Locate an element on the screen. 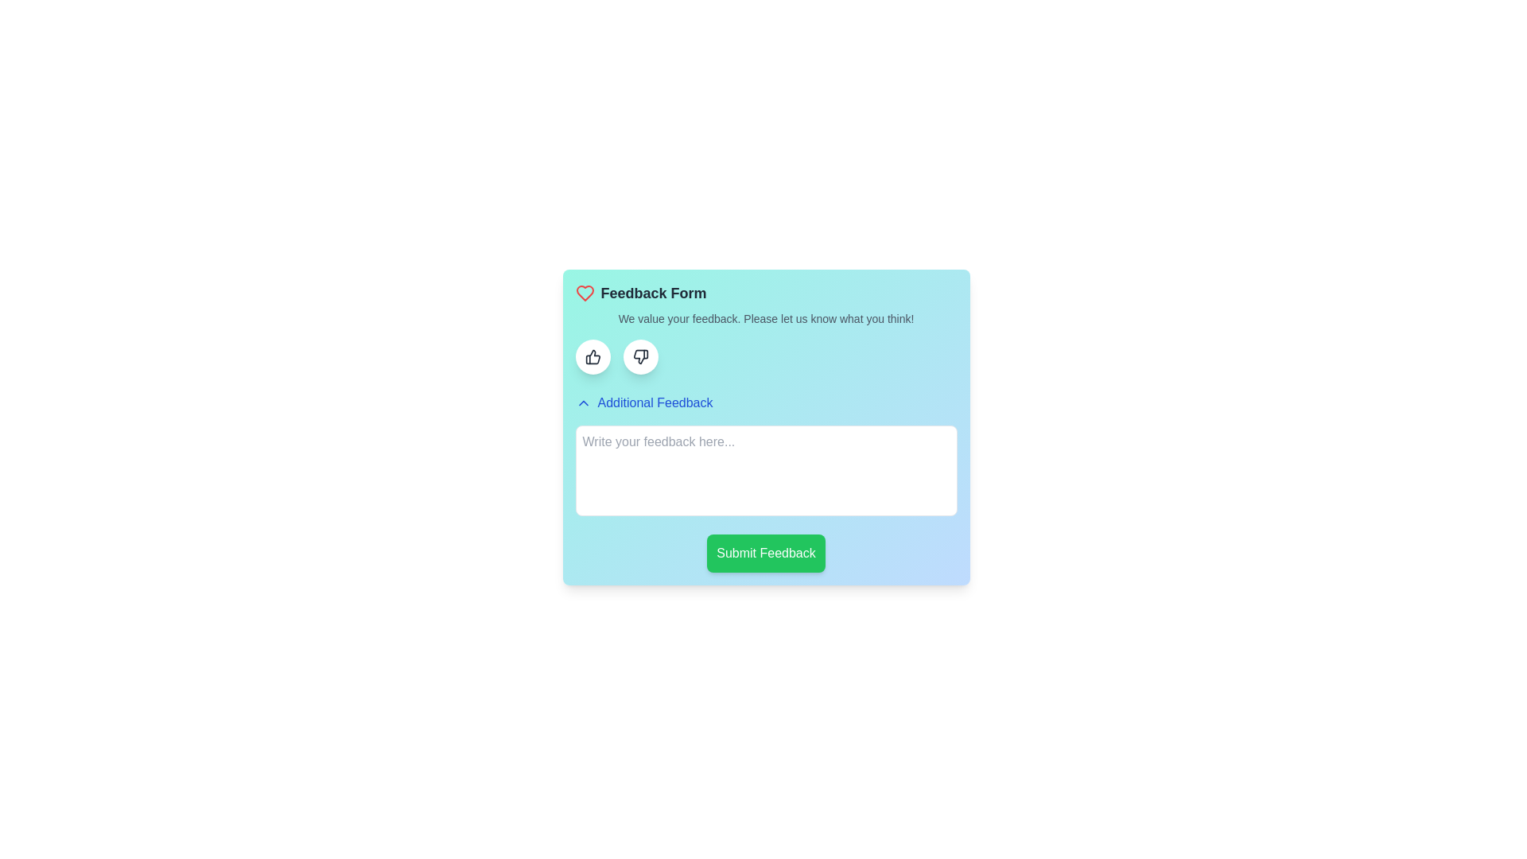  the positive feedback button located in the top left quadrant of the feedback form interface is located at coordinates (592, 356).